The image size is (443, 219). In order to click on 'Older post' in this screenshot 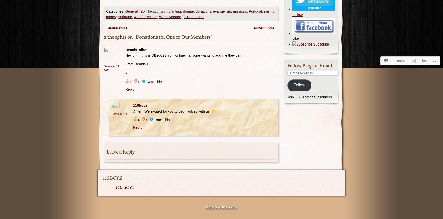, I will do `click(117, 28)`.